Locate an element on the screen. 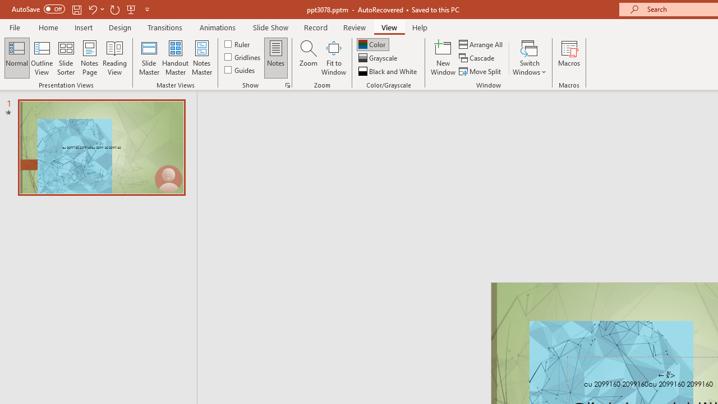 This screenshot has height=404, width=718. 'Fit to Window' is located at coordinates (333, 58).